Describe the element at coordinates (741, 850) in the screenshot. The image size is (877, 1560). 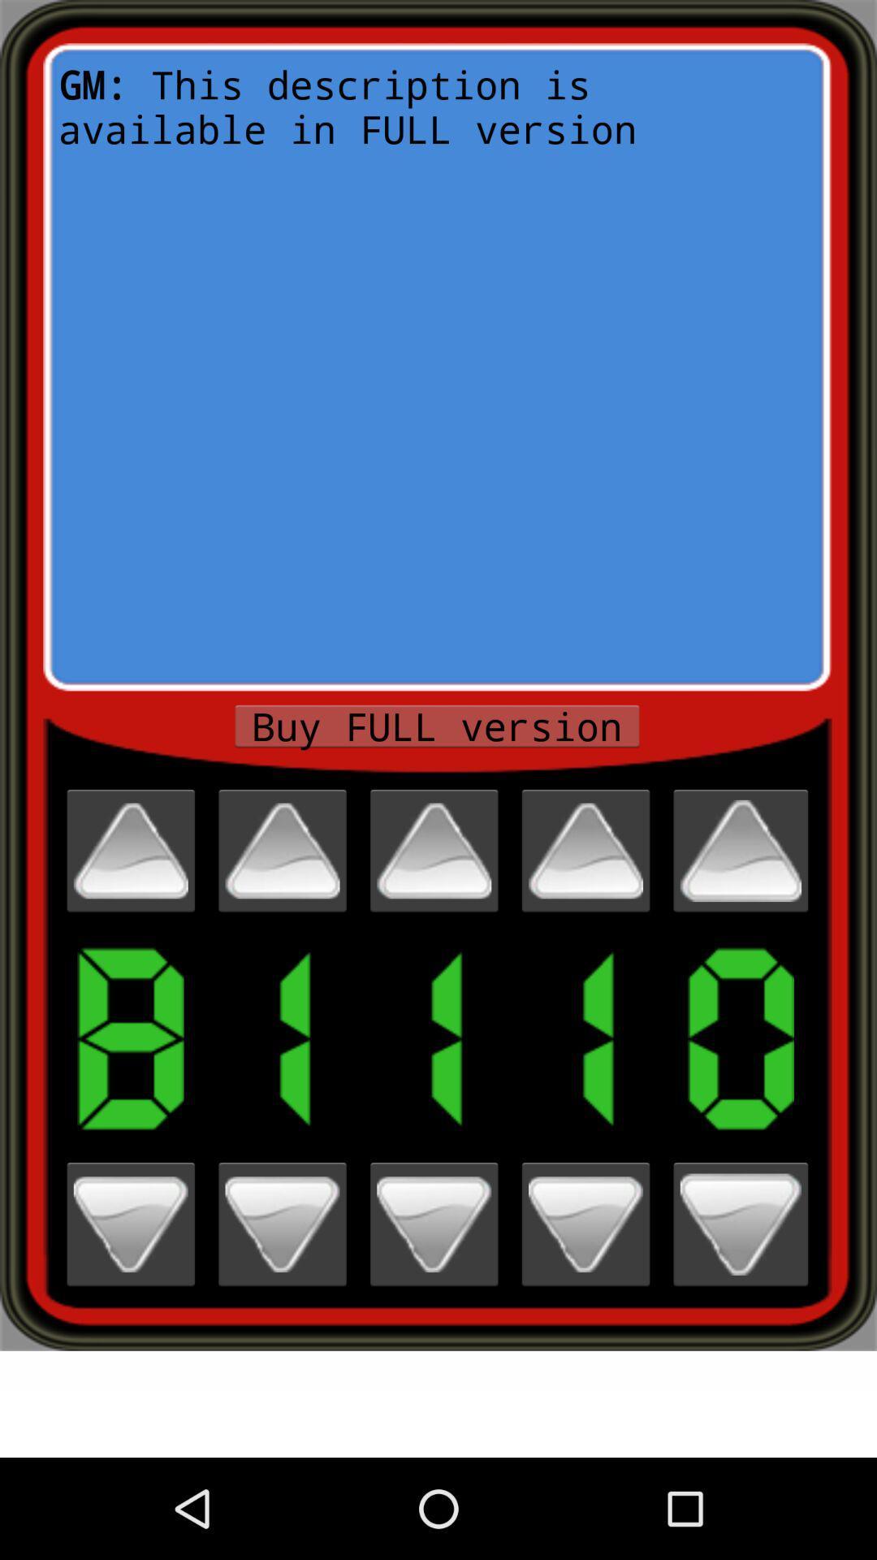
I see `shows up icon` at that location.